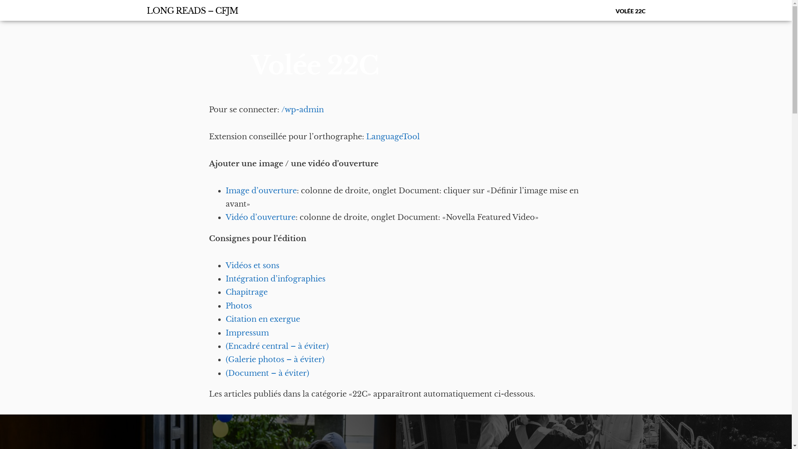 This screenshot has height=449, width=798. Describe the element at coordinates (392, 136) in the screenshot. I see `'LanguageTool'` at that location.